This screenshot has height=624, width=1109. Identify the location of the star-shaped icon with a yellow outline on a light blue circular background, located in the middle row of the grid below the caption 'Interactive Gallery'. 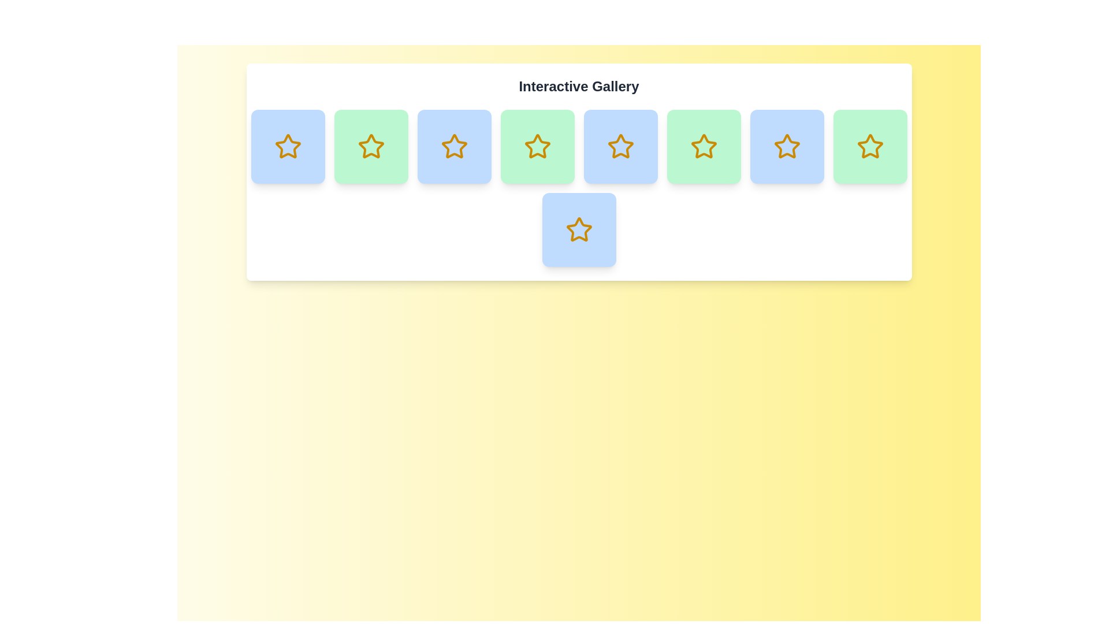
(579, 229).